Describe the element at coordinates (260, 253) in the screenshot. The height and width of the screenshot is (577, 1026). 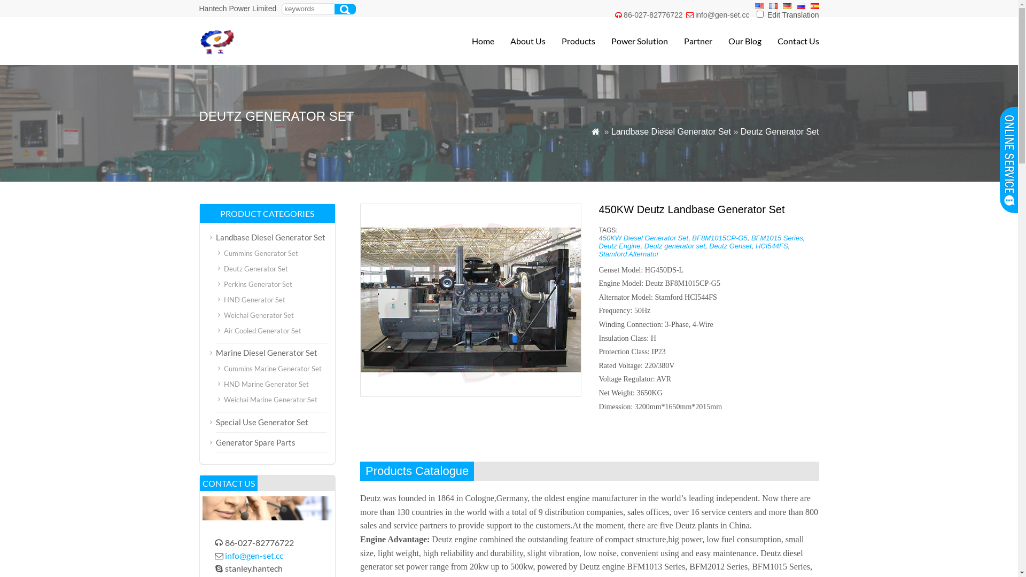
I see `'Cummins Generator Set'` at that location.